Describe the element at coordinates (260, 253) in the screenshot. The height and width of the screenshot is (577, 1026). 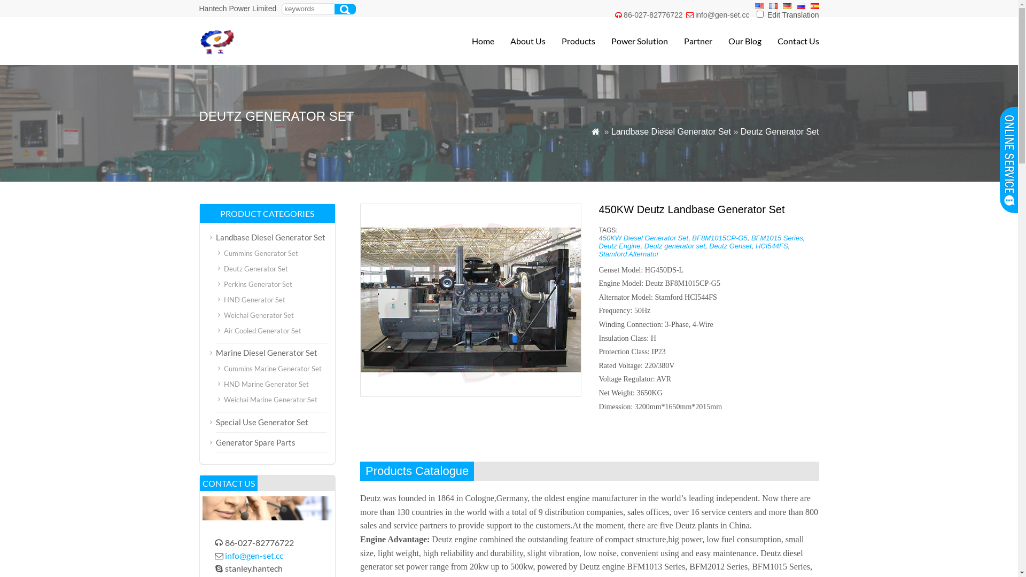
I see `'Cummins Generator Set'` at that location.